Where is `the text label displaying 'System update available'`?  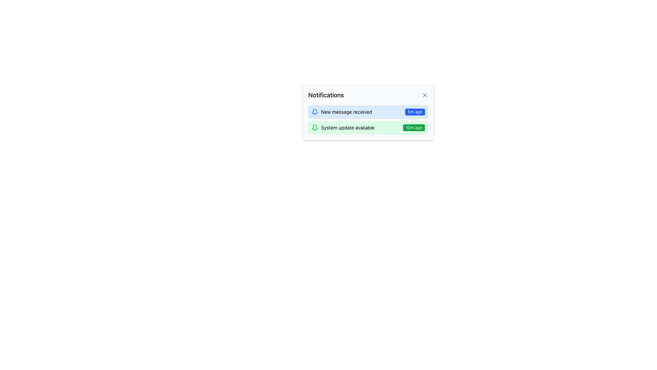 the text label displaying 'System update available' is located at coordinates (348, 128).